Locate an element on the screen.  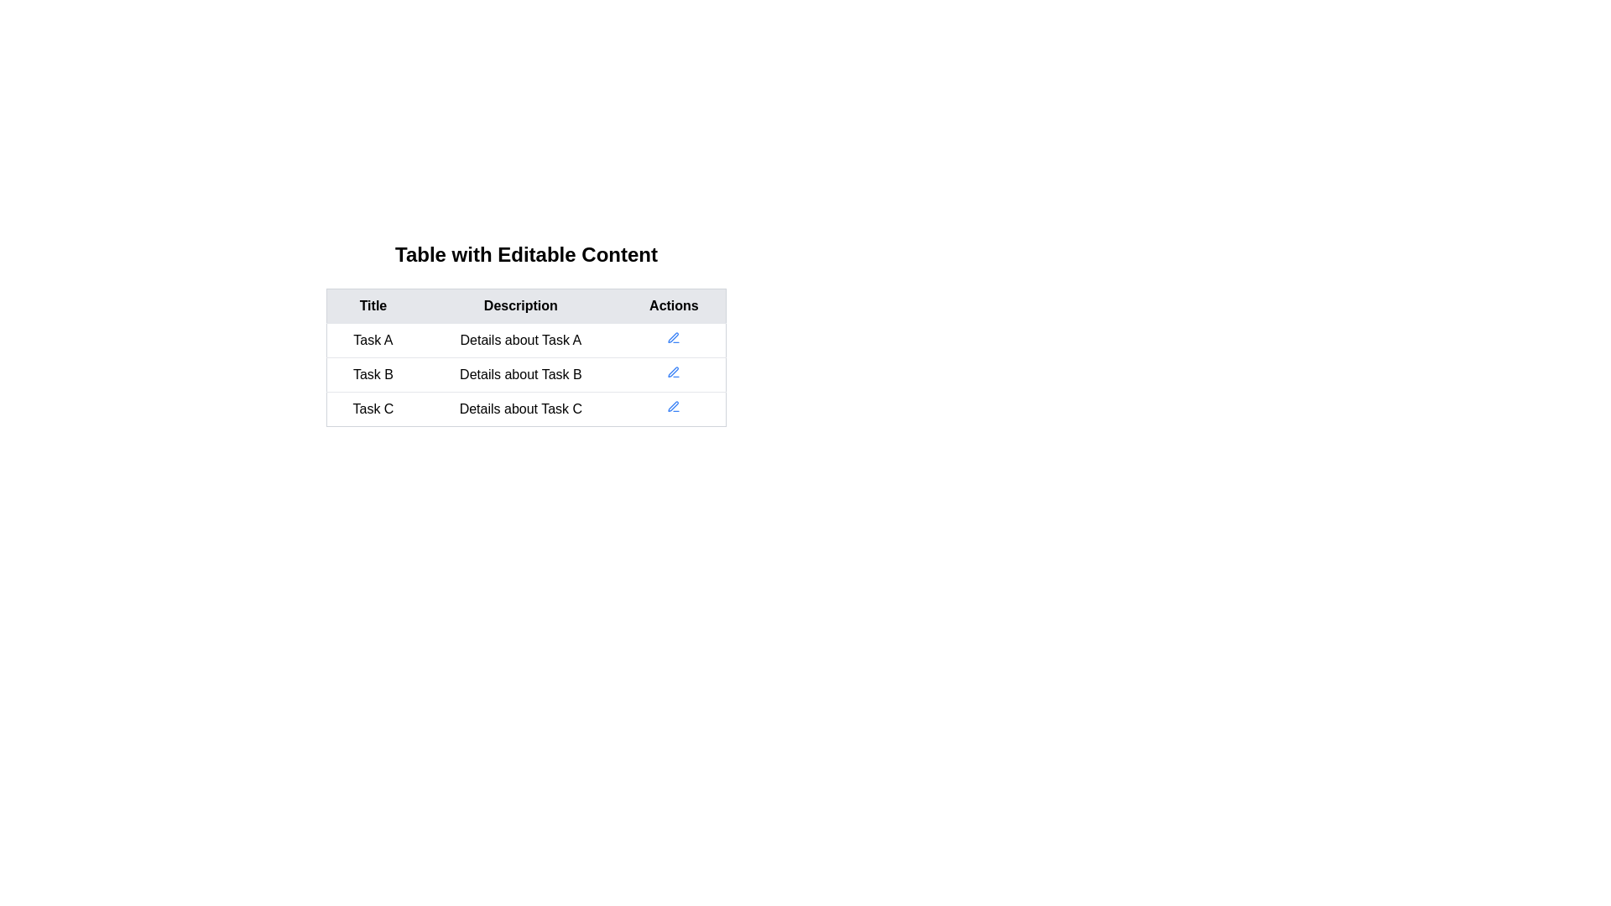
the text label 'Task C' styled in a table cell located in the third row of the 'Title' column is located at coordinates (372, 409).